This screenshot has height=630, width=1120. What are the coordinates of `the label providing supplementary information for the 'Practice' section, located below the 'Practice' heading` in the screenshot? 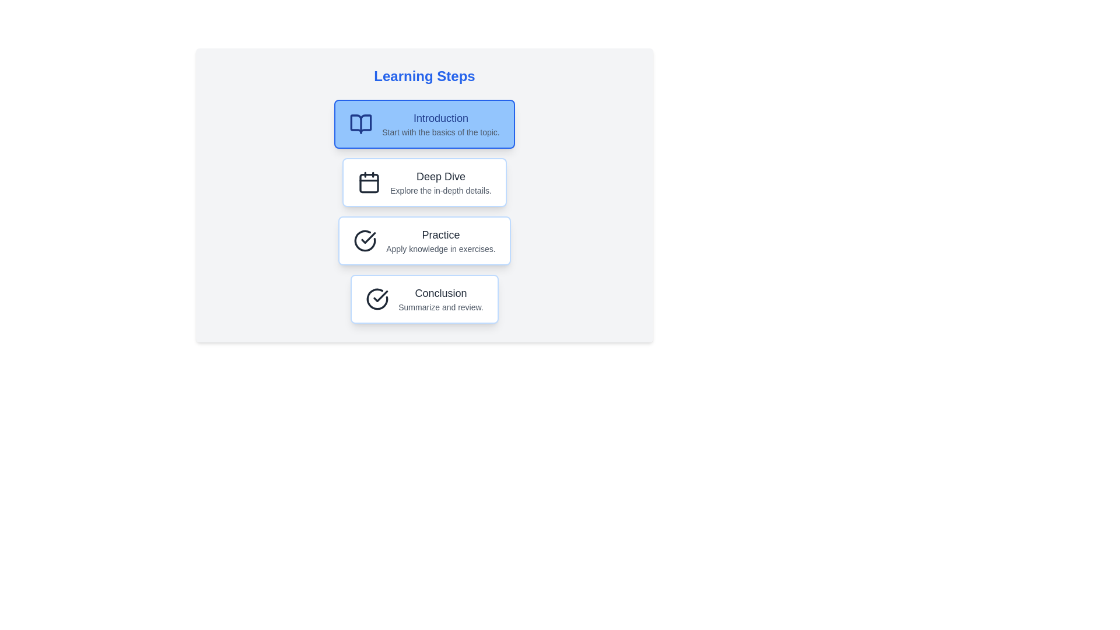 It's located at (440, 249).